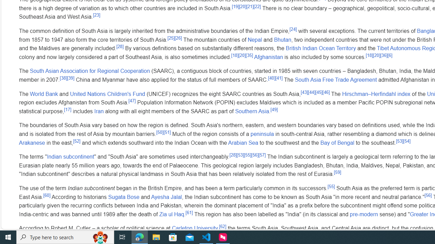 The height and width of the screenshot is (244, 435). What do you see at coordinates (326, 92) in the screenshot?
I see `'[46]'` at bounding box center [326, 92].